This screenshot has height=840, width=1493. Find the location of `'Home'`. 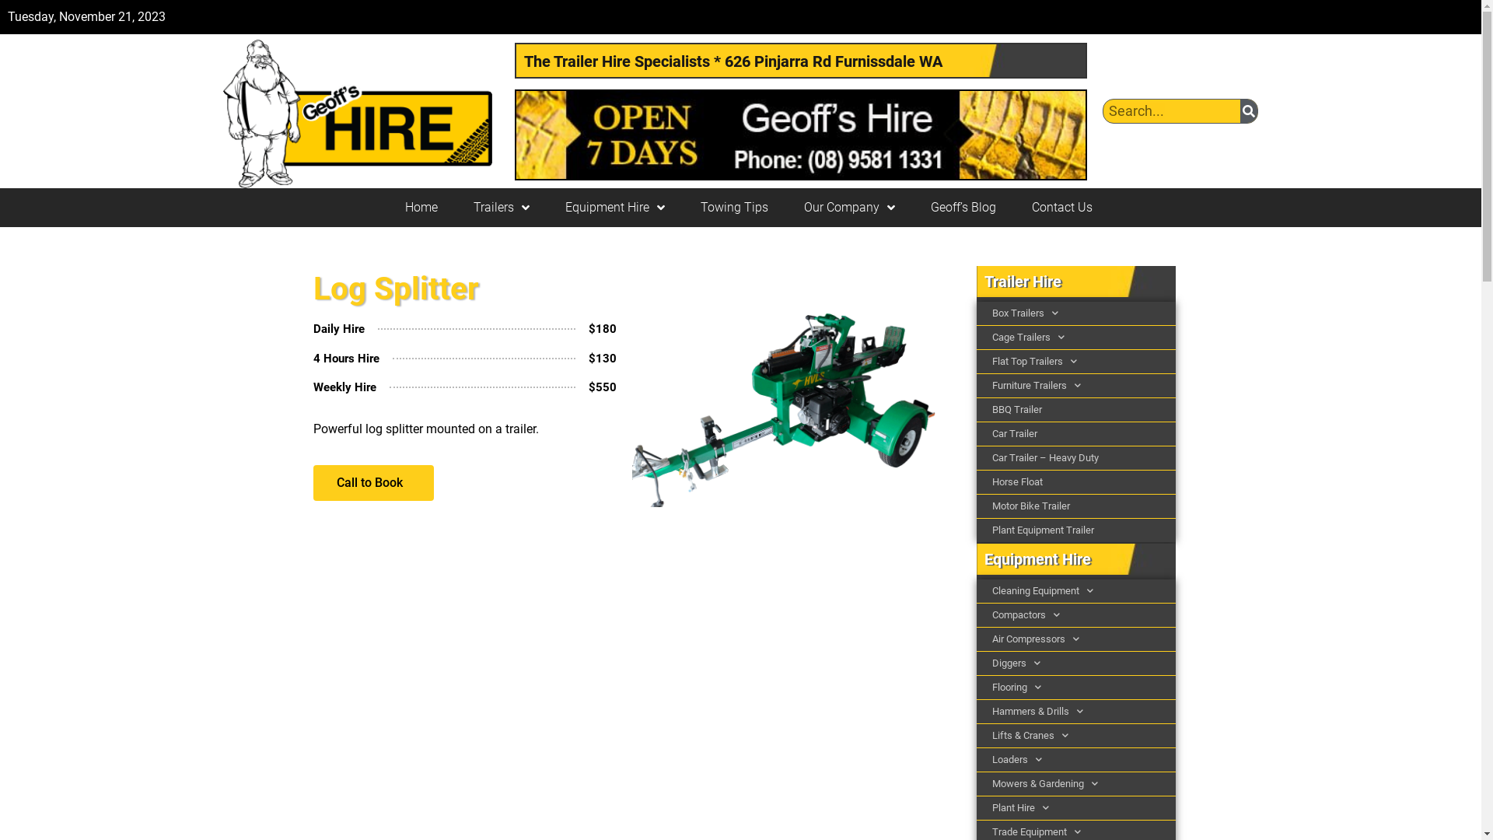

'Home' is located at coordinates (421, 206).